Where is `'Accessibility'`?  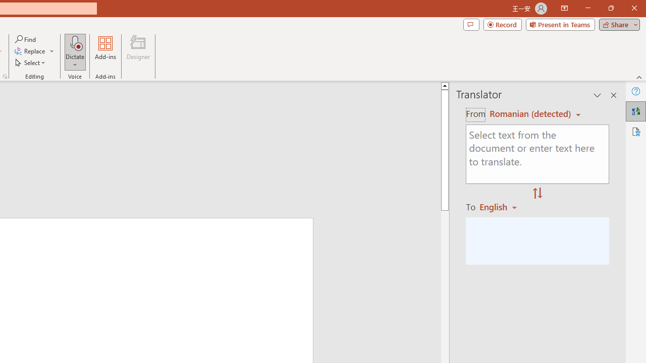 'Accessibility' is located at coordinates (635, 131).